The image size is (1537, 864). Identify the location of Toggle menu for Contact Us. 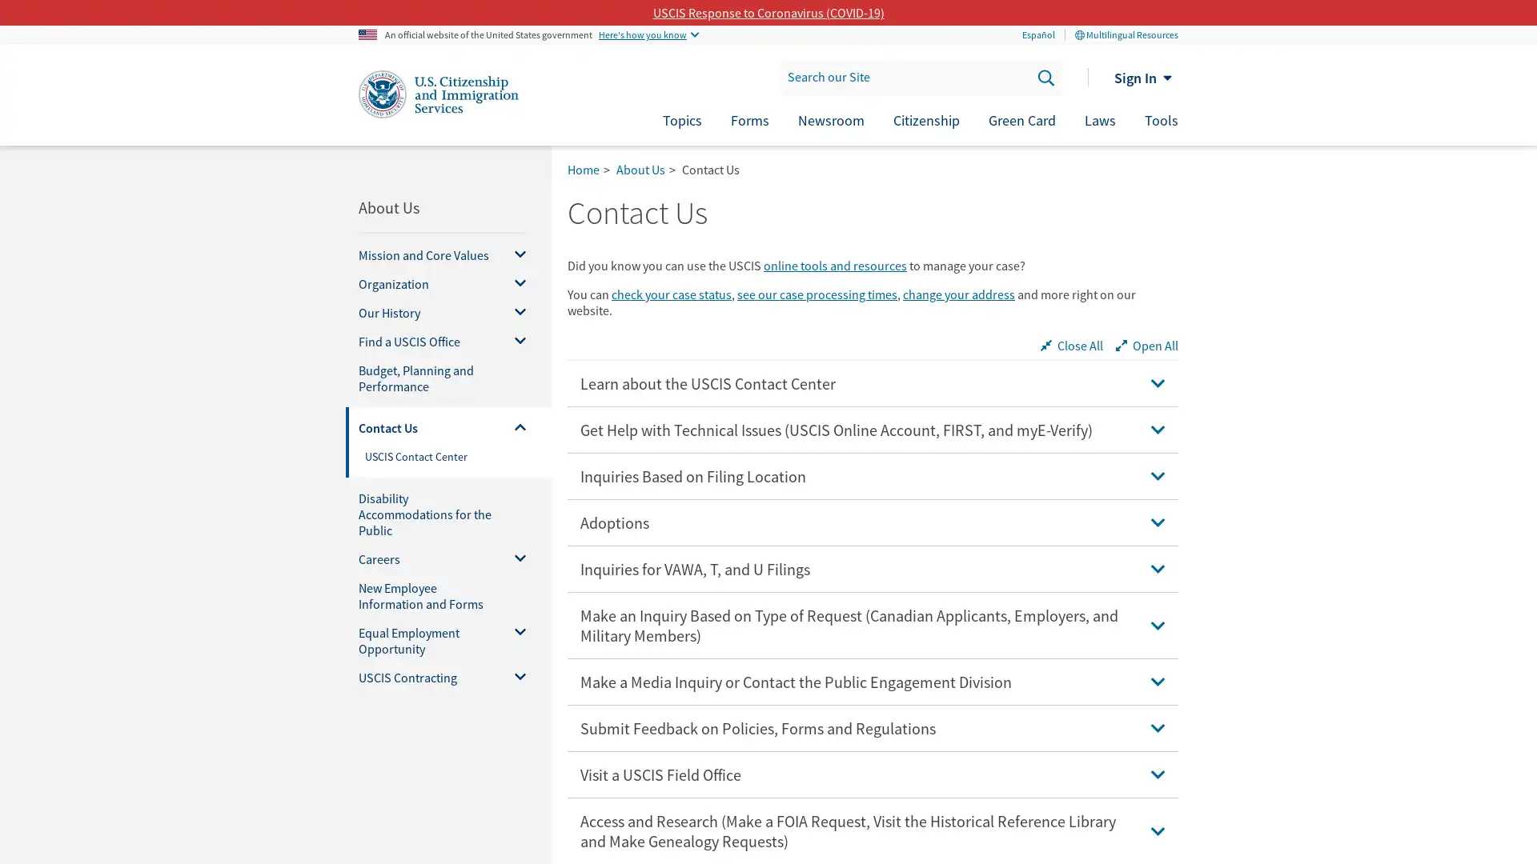
(514, 427).